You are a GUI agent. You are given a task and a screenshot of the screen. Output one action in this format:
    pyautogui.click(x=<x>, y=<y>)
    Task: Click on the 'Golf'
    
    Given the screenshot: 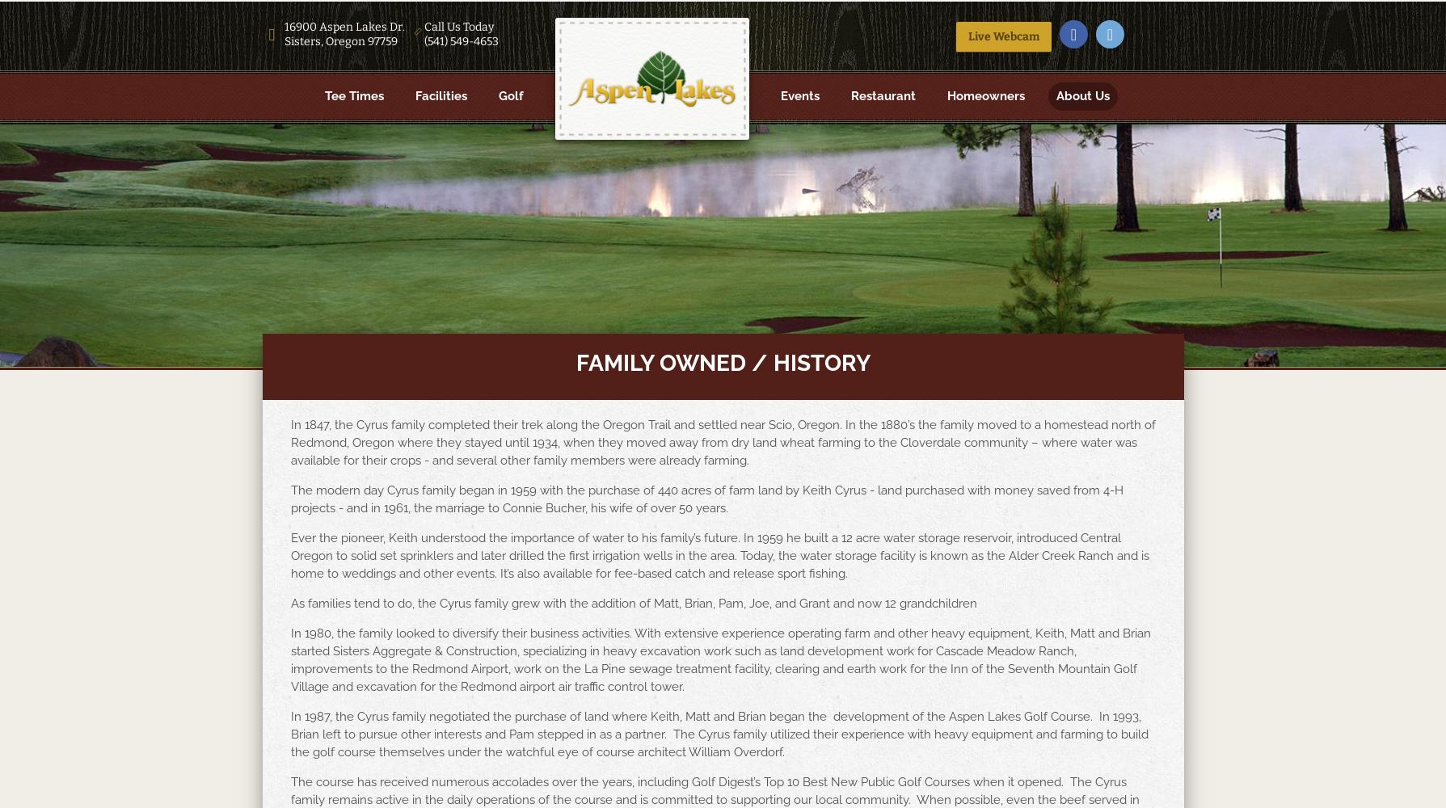 What is the action you would take?
    pyautogui.click(x=510, y=95)
    